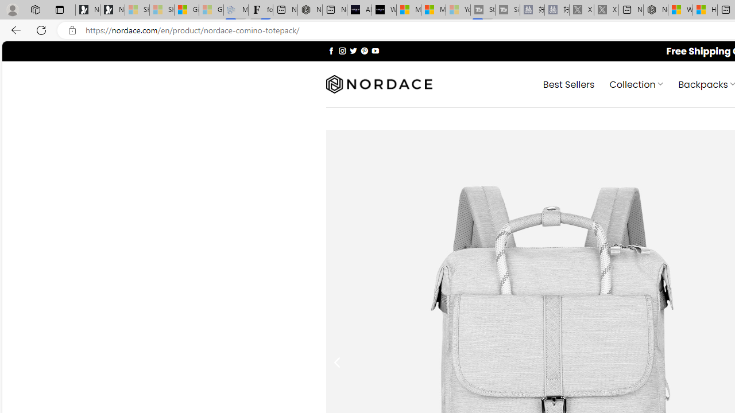 This screenshot has width=735, height=413. I want to click on 'Nordace - #1 Japanese Best-Seller - Siena Smart Backpack', so click(310, 10).